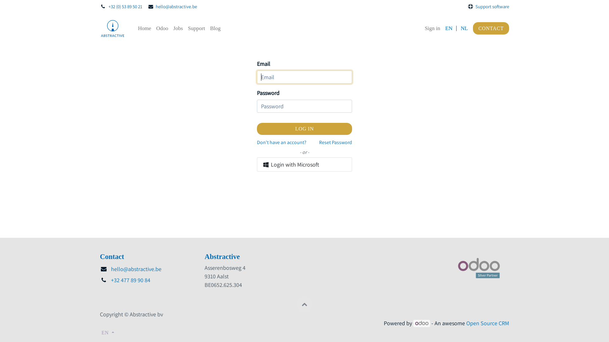 Image resolution: width=609 pixels, height=342 pixels. Describe the element at coordinates (335, 142) in the screenshot. I see `'Reset Password'` at that location.